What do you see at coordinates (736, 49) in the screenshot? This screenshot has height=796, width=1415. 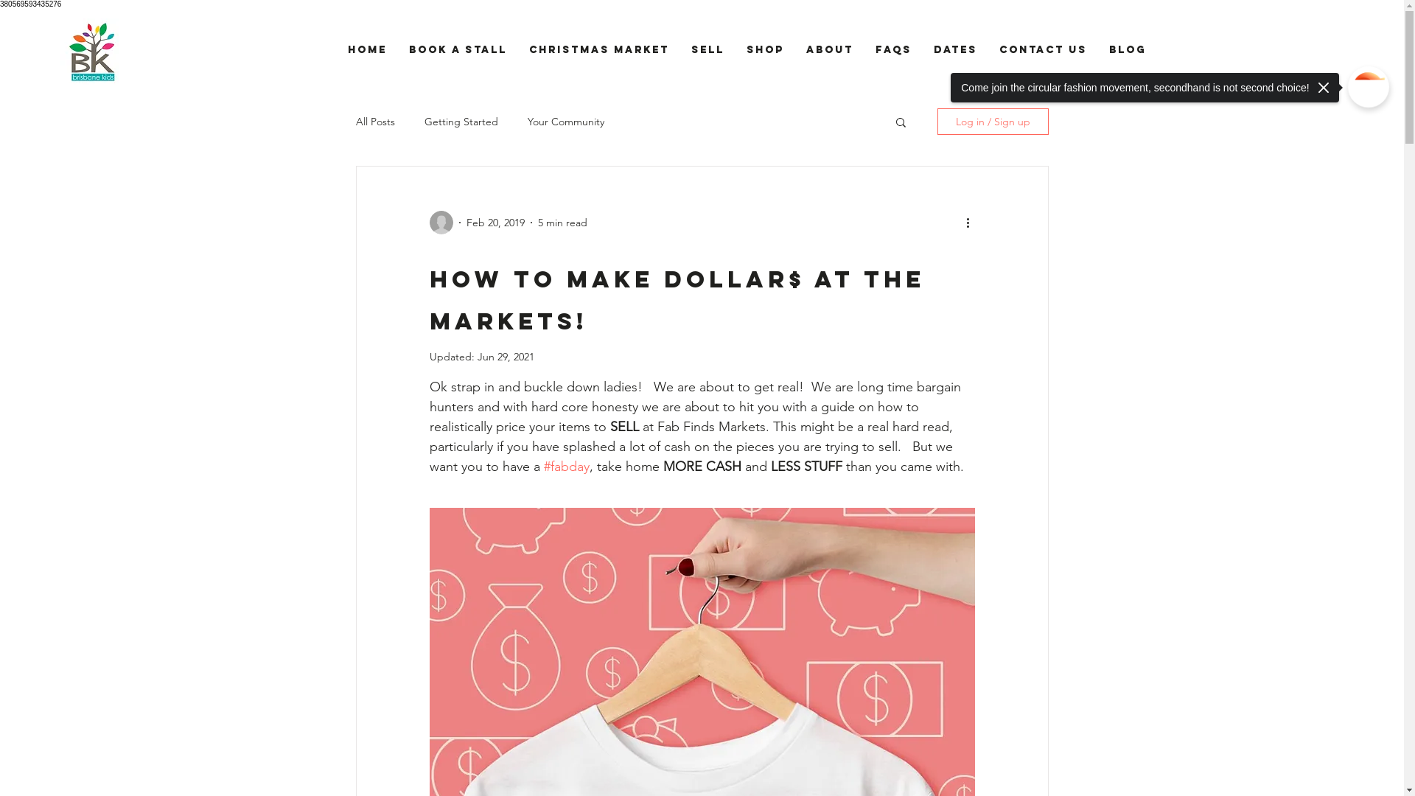 I see `'SHOP'` at bounding box center [736, 49].